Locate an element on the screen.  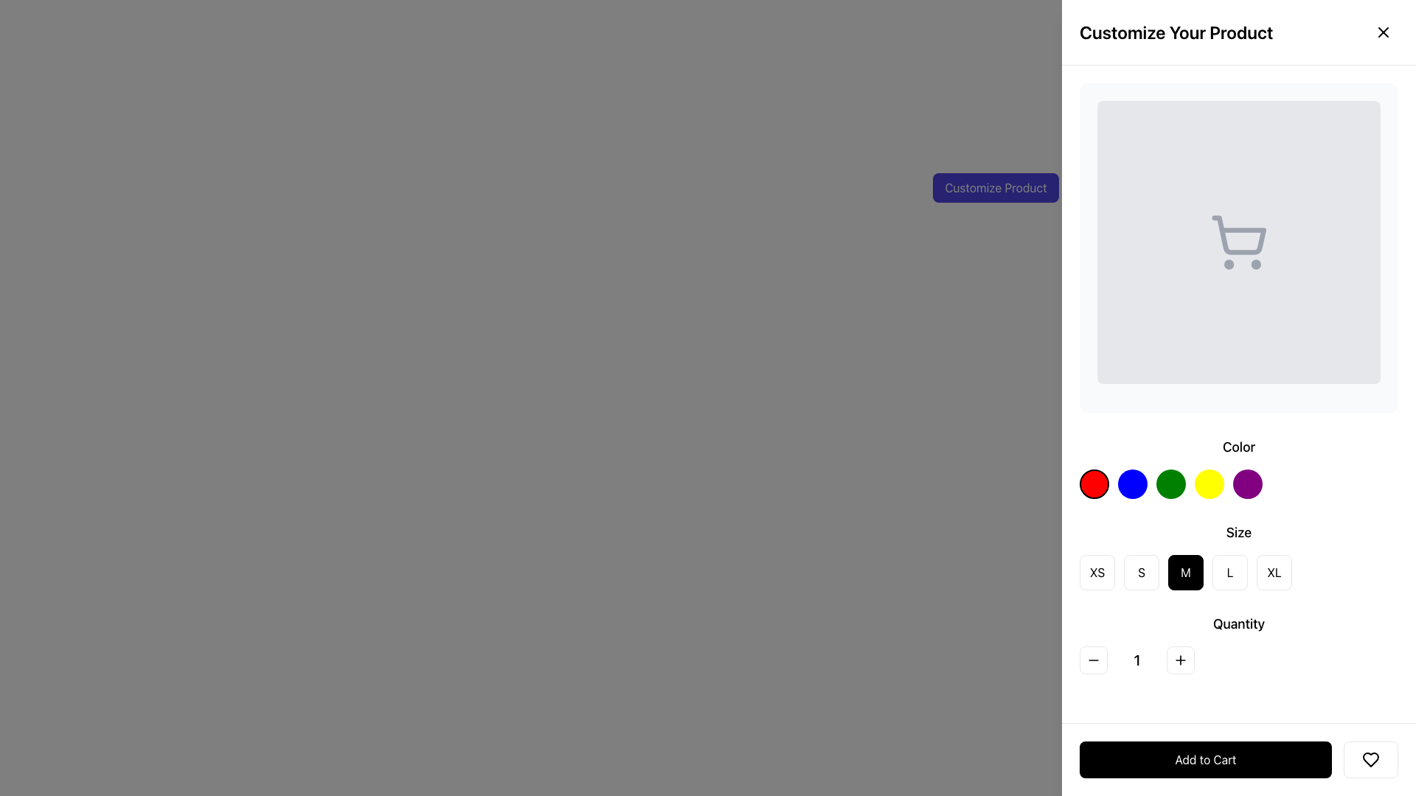
the '-' button of the Quantity selector located below the color and size selection options, which decreases the quantity from the displayed value of '1' is located at coordinates (1239, 643).